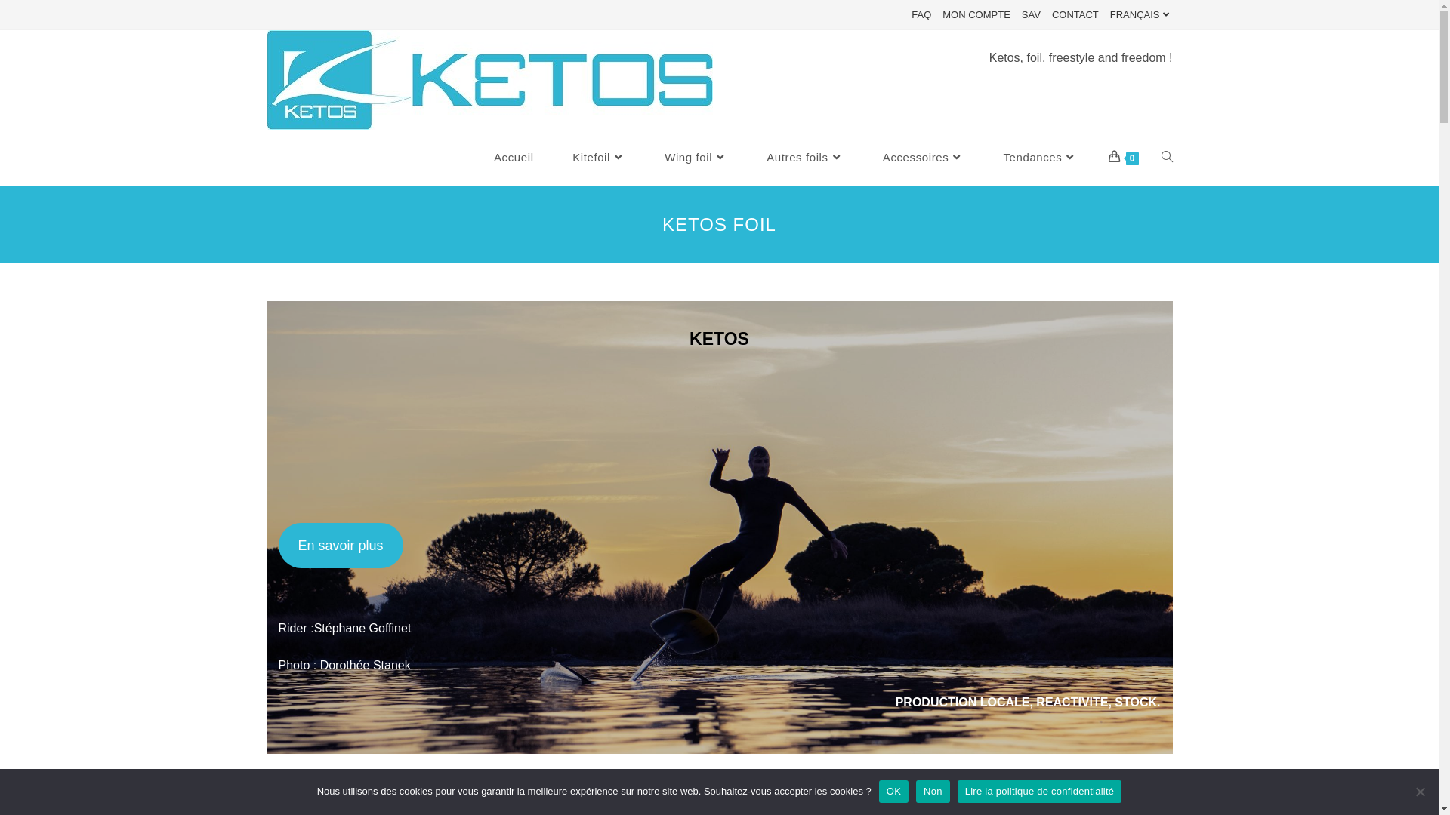  What do you see at coordinates (1030, 14) in the screenshot?
I see `'SAV'` at bounding box center [1030, 14].